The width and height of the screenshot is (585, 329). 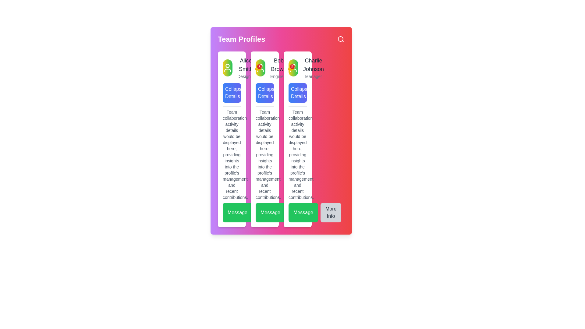 What do you see at coordinates (227, 68) in the screenshot?
I see `the user figure icon in the profile card for Alice Smith, which is a minimalist design in white color within a circular yellow to green background` at bounding box center [227, 68].